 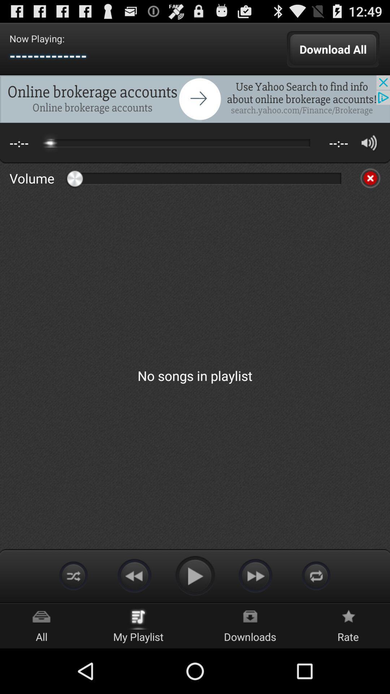 I want to click on fast forward, so click(x=255, y=575).